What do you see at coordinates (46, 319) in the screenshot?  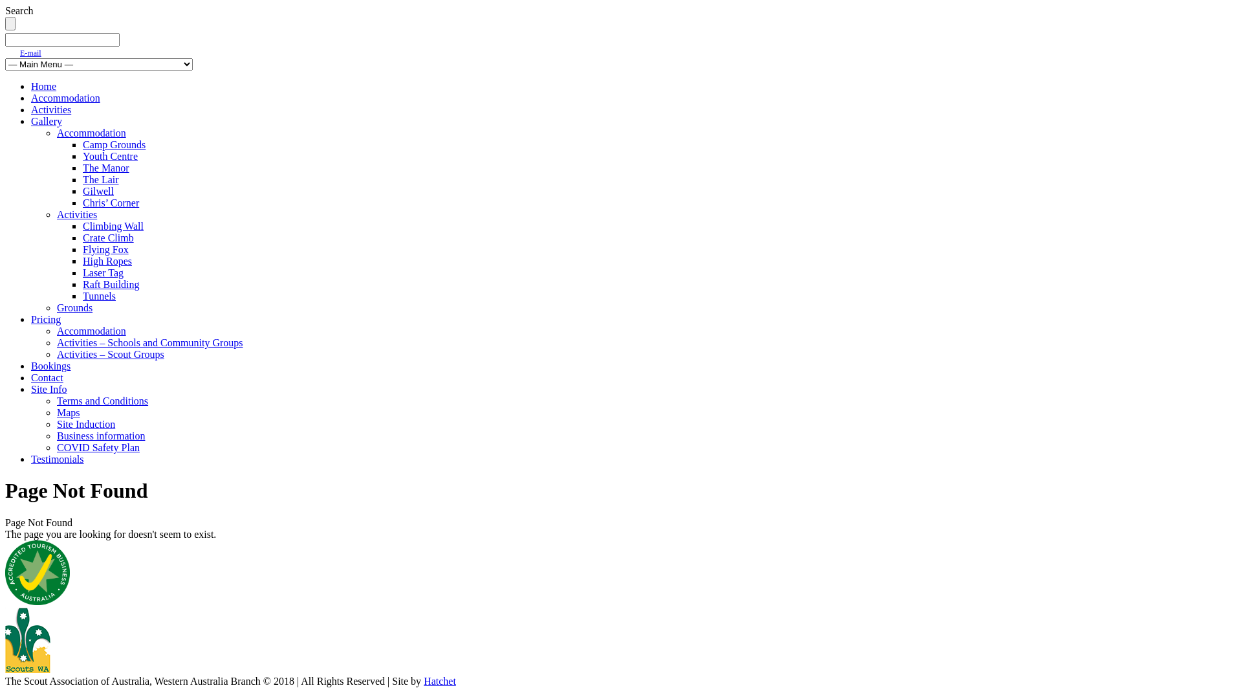 I see `'Pricing'` at bounding box center [46, 319].